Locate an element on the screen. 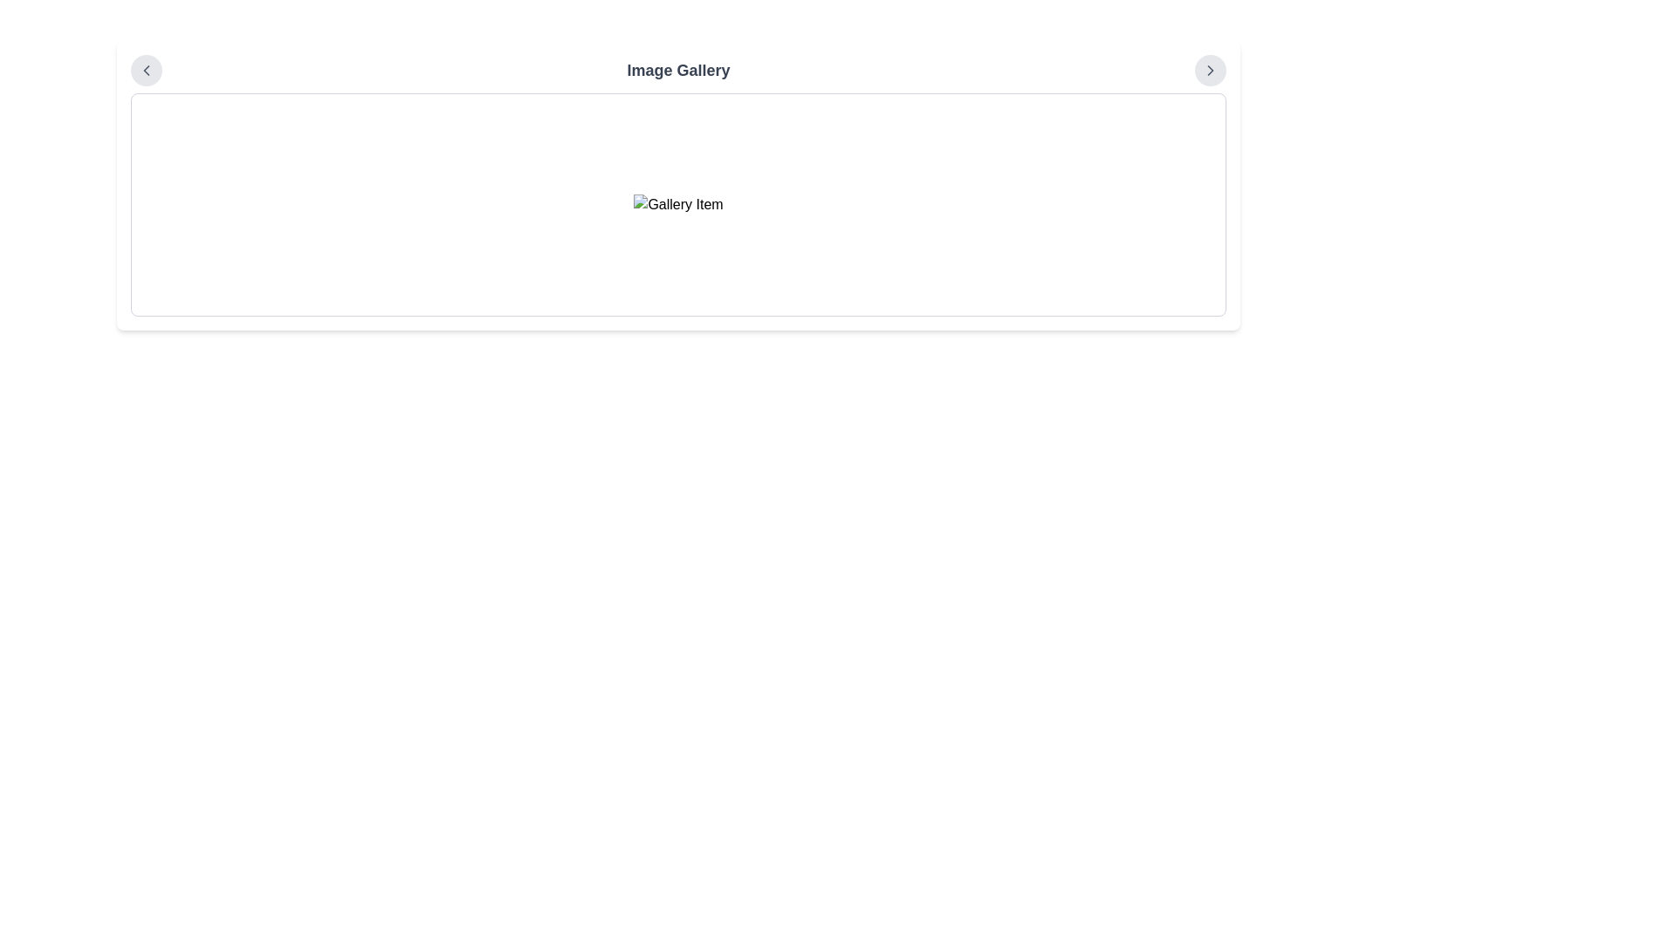 Image resolution: width=1676 pixels, height=942 pixels. the circular button containing the dark gray left-pointing arrow icon is located at coordinates (147, 70).